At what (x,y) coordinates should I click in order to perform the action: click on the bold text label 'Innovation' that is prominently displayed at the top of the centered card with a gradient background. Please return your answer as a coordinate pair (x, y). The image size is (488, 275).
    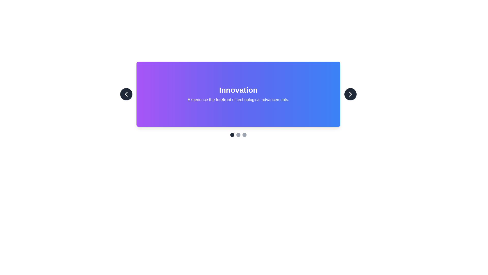
    Looking at the image, I should click on (238, 90).